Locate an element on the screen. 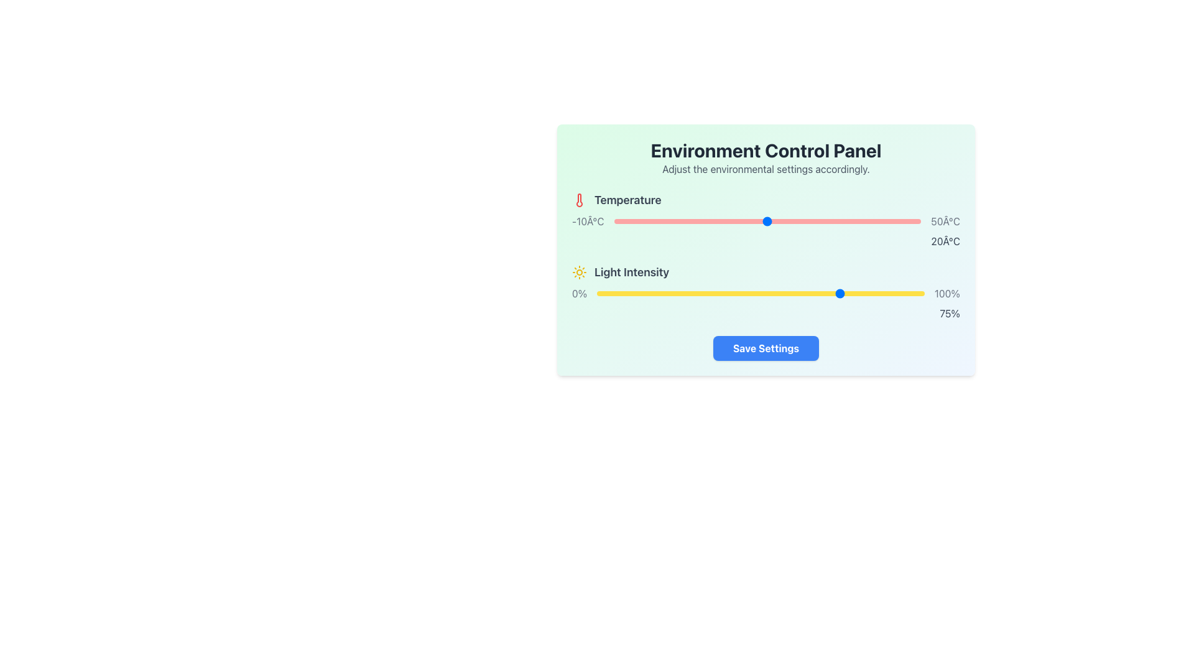 The width and height of the screenshot is (1194, 672). temperature is located at coordinates (905, 220).